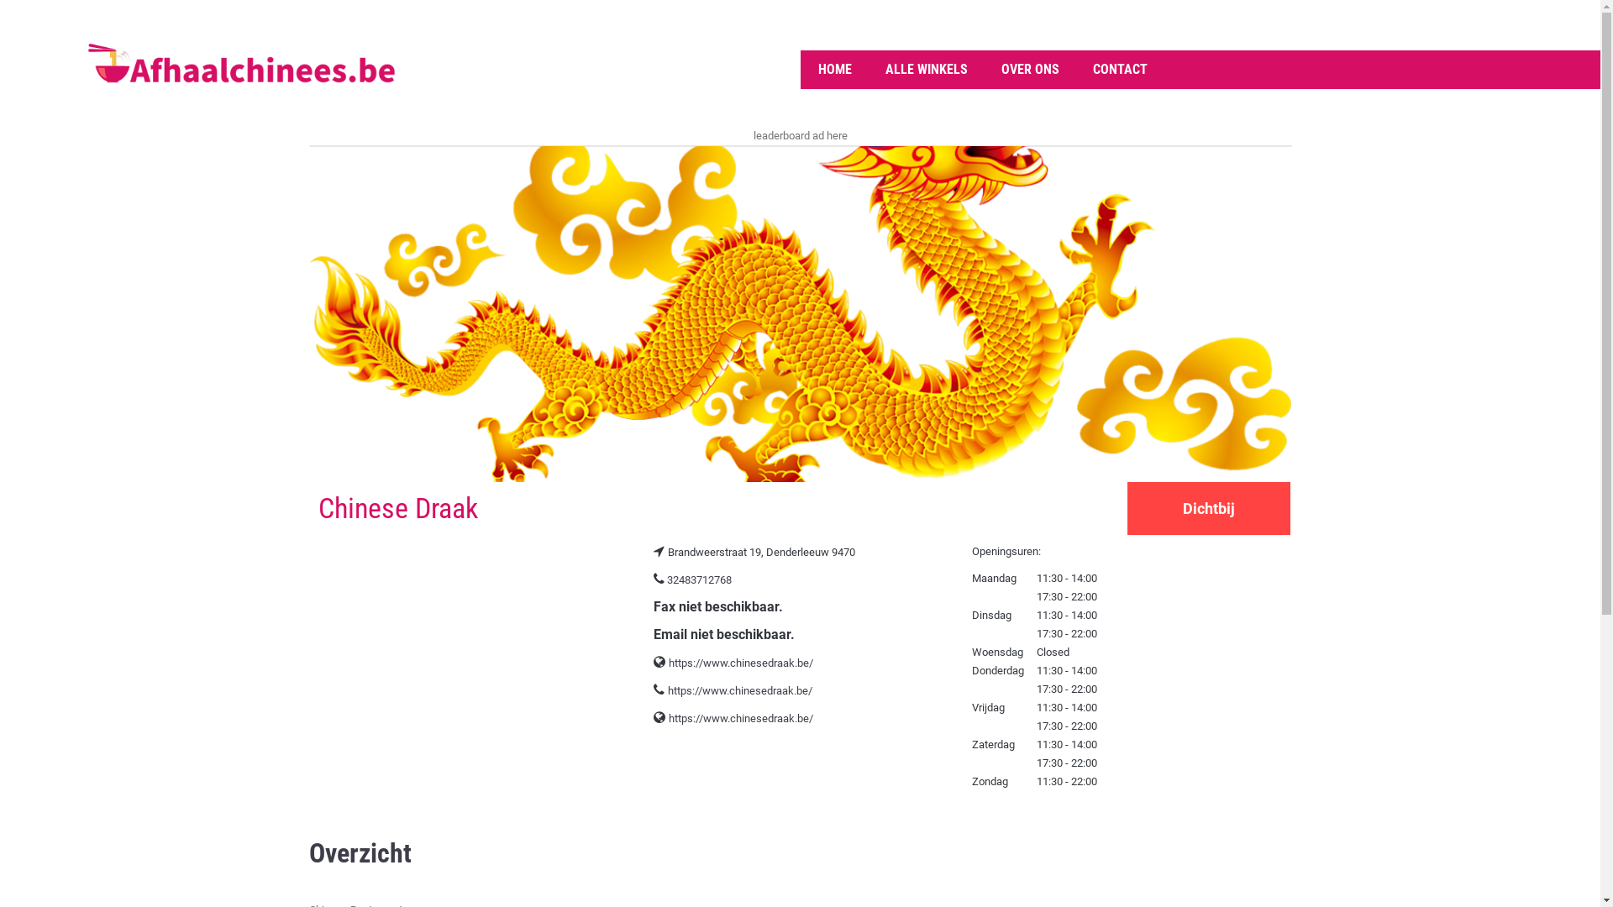 The image size is (1613, 907). I want to click on 'https://www.chinesedraak.be/', so click(668, 718).